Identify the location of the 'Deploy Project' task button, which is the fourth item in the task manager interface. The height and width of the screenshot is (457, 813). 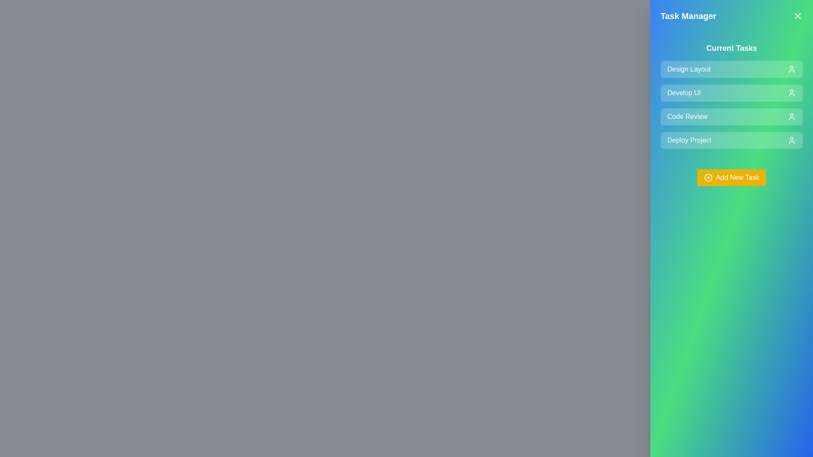
(731, 140).